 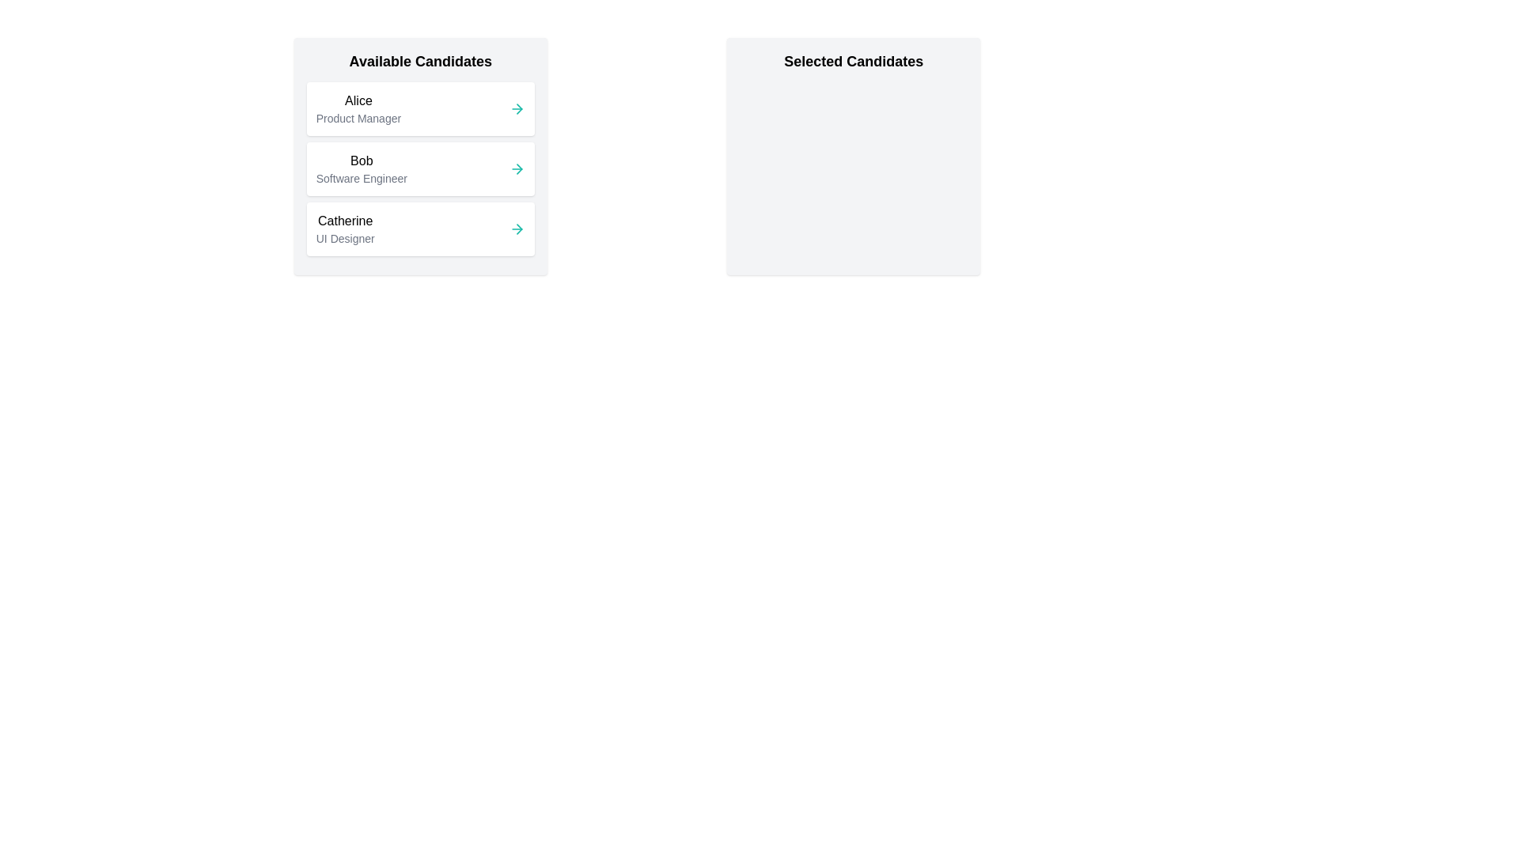 I want to click on right arrow button next to the candidate Catherine to select them, so click(x=517, y=229).